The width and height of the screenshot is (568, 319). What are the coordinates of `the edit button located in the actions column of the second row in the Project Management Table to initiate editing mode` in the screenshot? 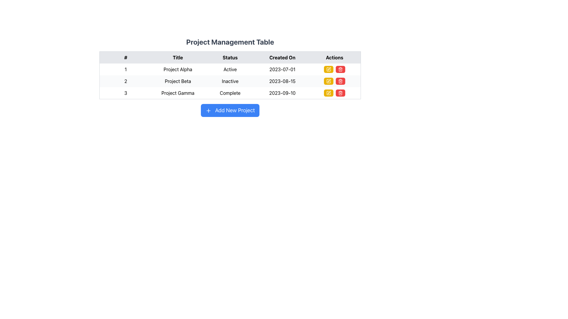 It's located at (328, 81).